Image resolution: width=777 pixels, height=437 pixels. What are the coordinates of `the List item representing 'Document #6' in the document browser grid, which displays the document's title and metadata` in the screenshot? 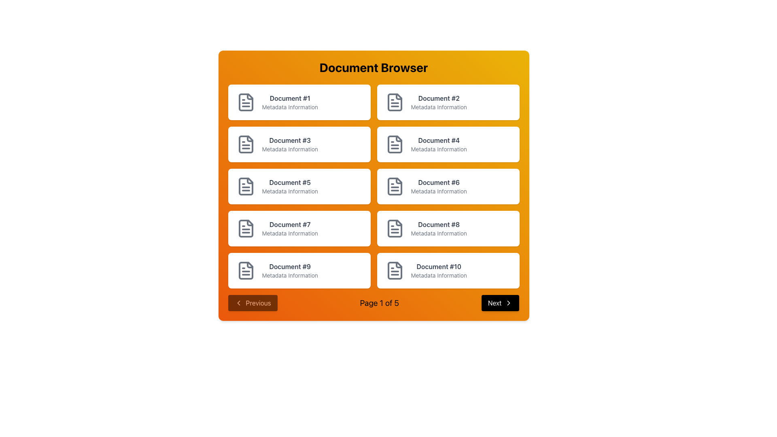 It's located at (438, 187).